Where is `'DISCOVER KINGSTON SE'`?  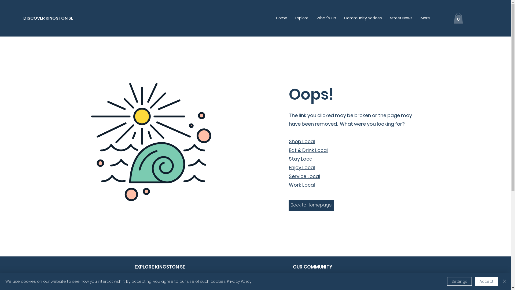
'DISCOVER KINGSTON SE' is located at coordinates (48, 18).